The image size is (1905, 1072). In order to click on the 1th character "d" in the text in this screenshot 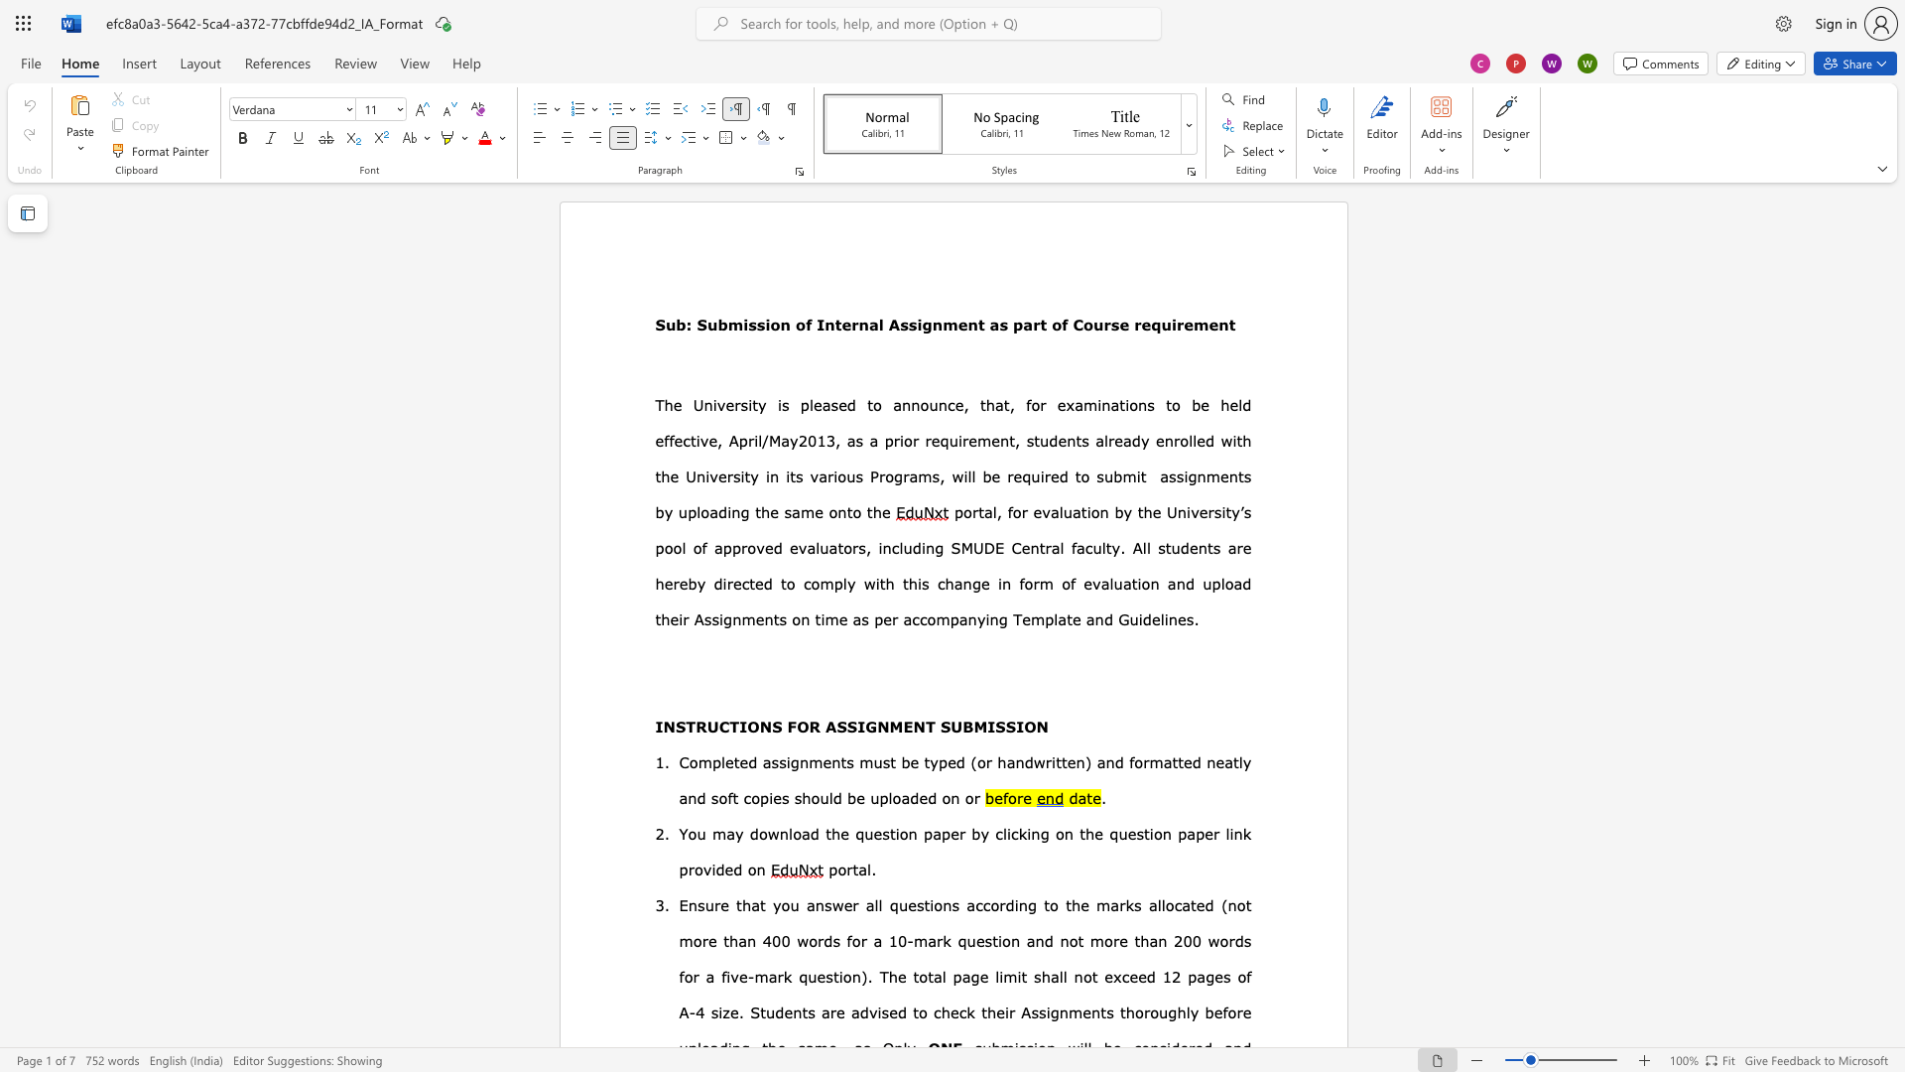, I will do `click(1190, 582)`.